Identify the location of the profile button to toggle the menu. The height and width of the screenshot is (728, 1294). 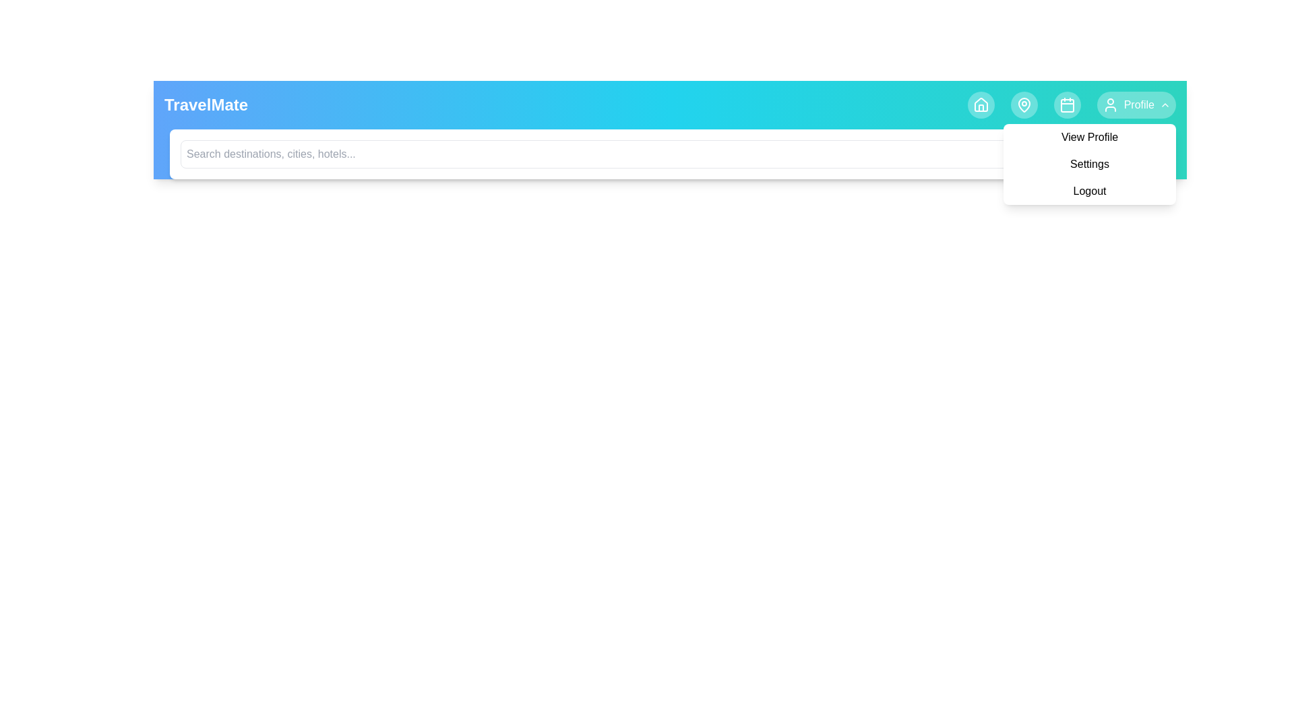
(1135, 104).